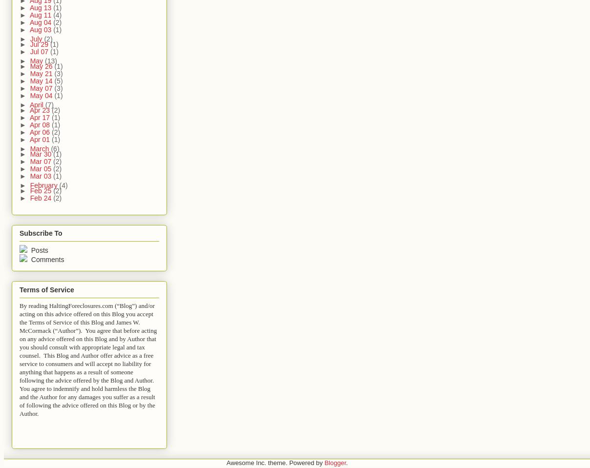  What do you see at coordinates (346, 462) in the screenshot?
I see `'.'` at bounding box center [346, 462].